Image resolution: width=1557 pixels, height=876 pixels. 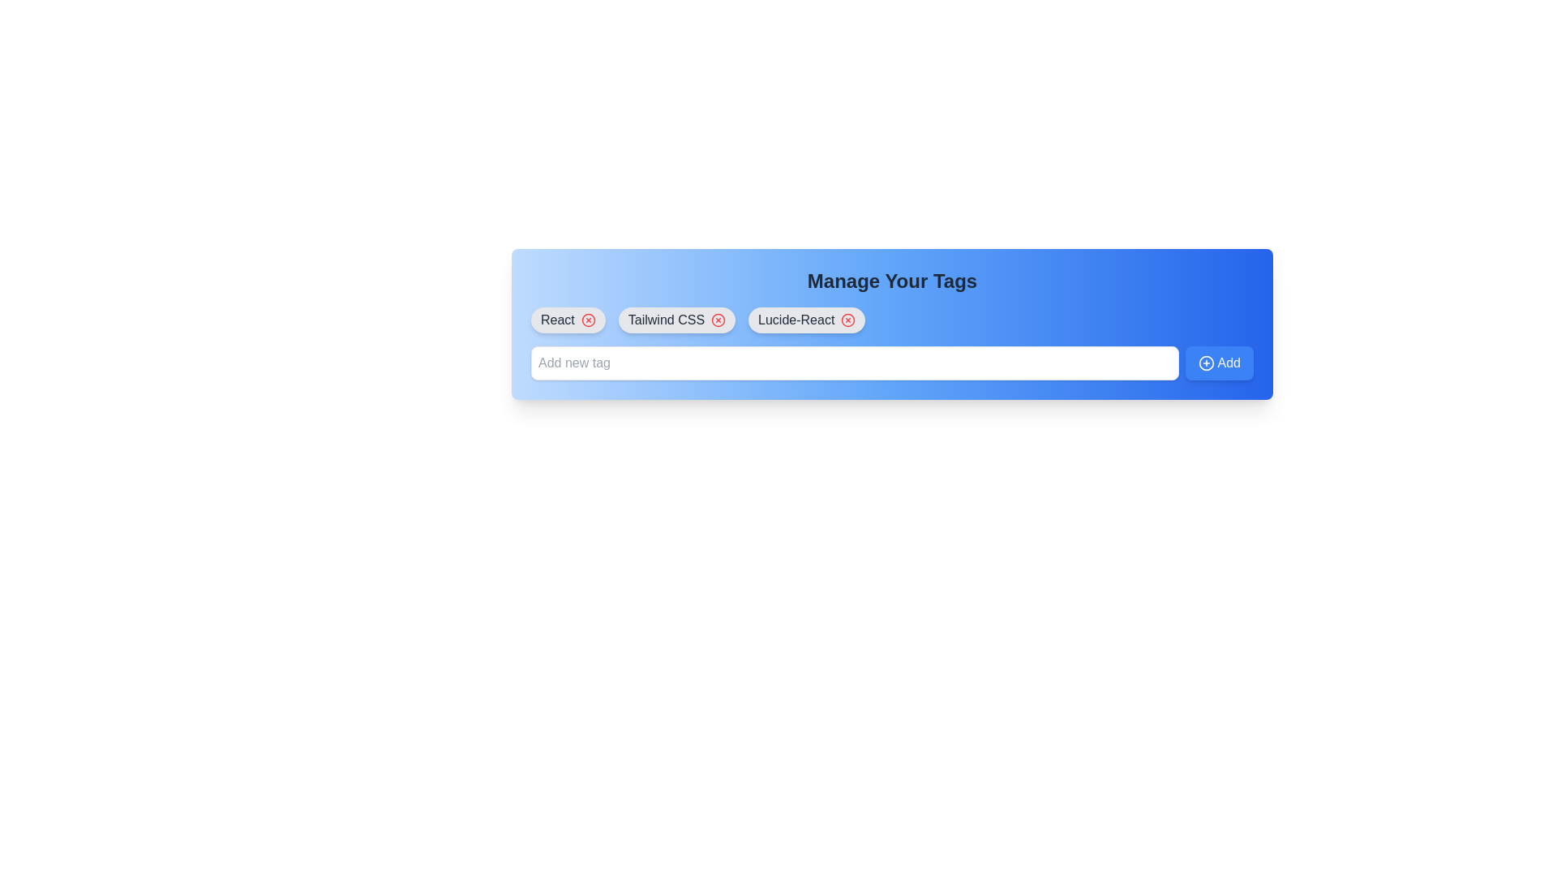 I want to click on the red 'X' icon on the second tag labeled 'Tailwind CSS', so click(x=677, y=320).